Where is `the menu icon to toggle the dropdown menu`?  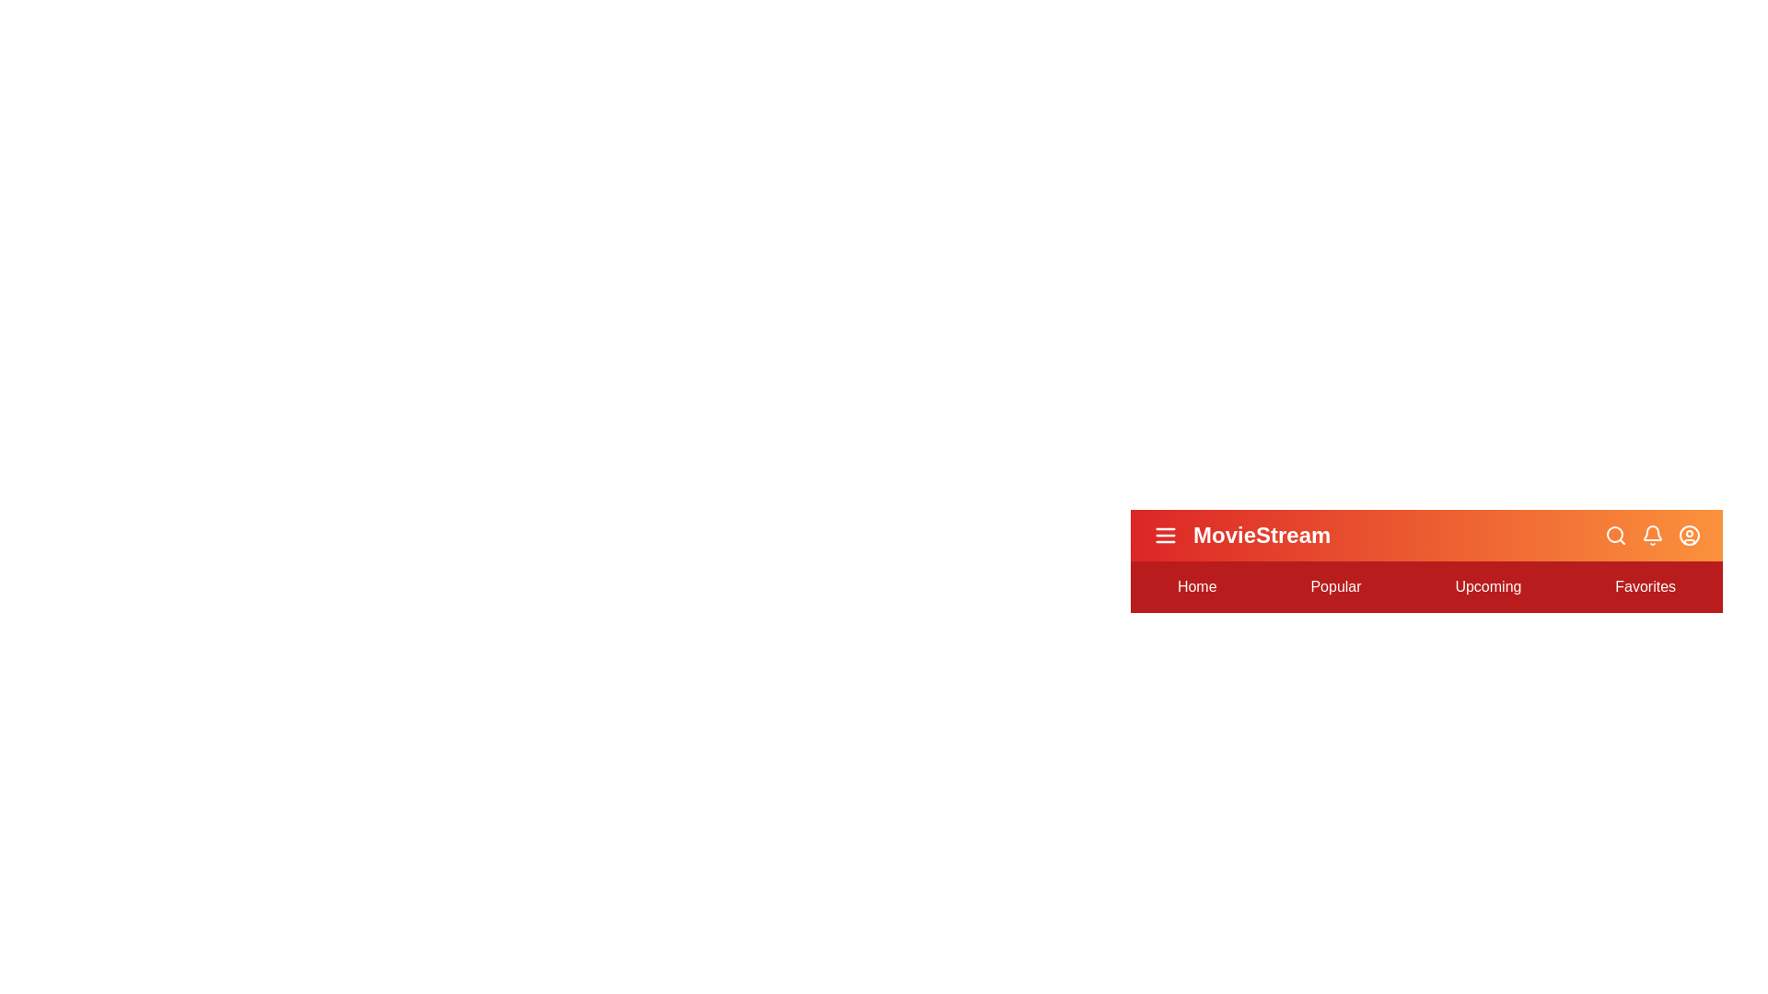 the menu icon to toggle the dropdown menu is located at coordinates (1165, 536).